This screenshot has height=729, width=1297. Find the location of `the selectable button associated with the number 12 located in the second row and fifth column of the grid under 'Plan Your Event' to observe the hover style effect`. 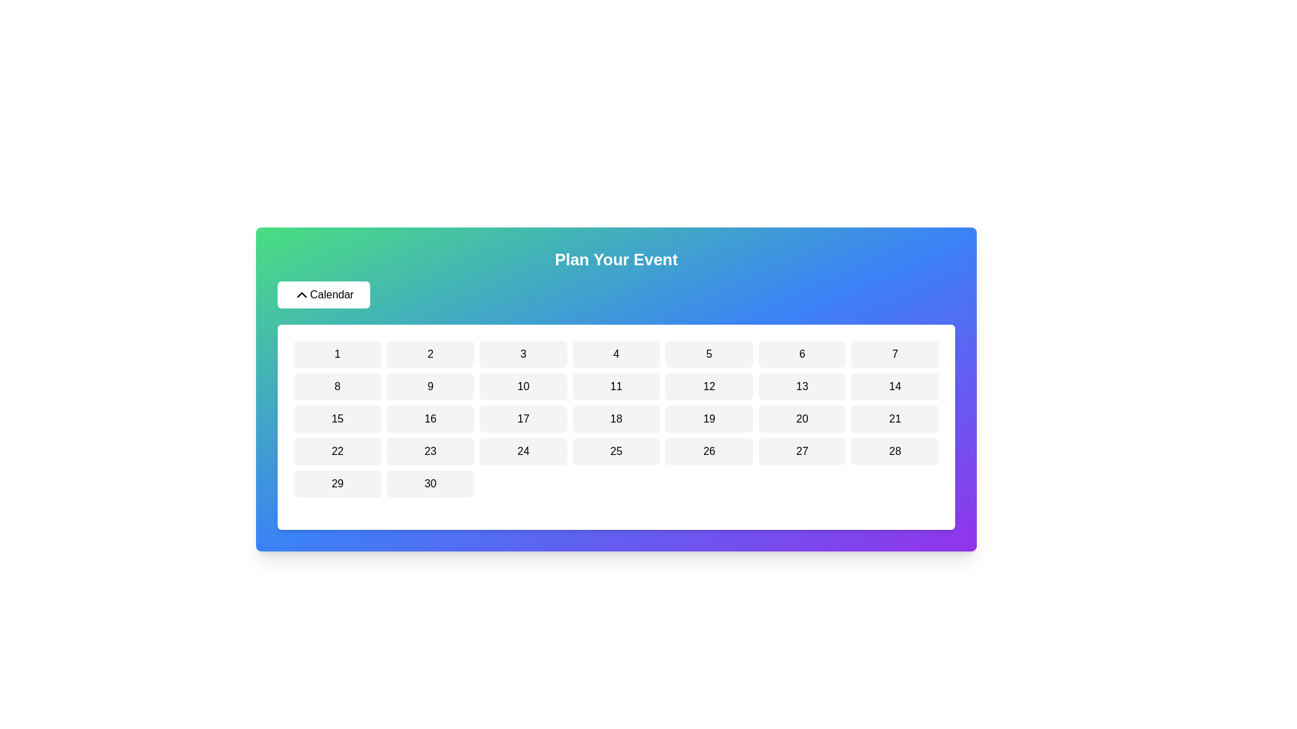

the selectable button associated with the number 12 located in the second row and fifth column of the grid under 'Plan Your Event' to observe the hover style effect is located at coordinates (709, 387).